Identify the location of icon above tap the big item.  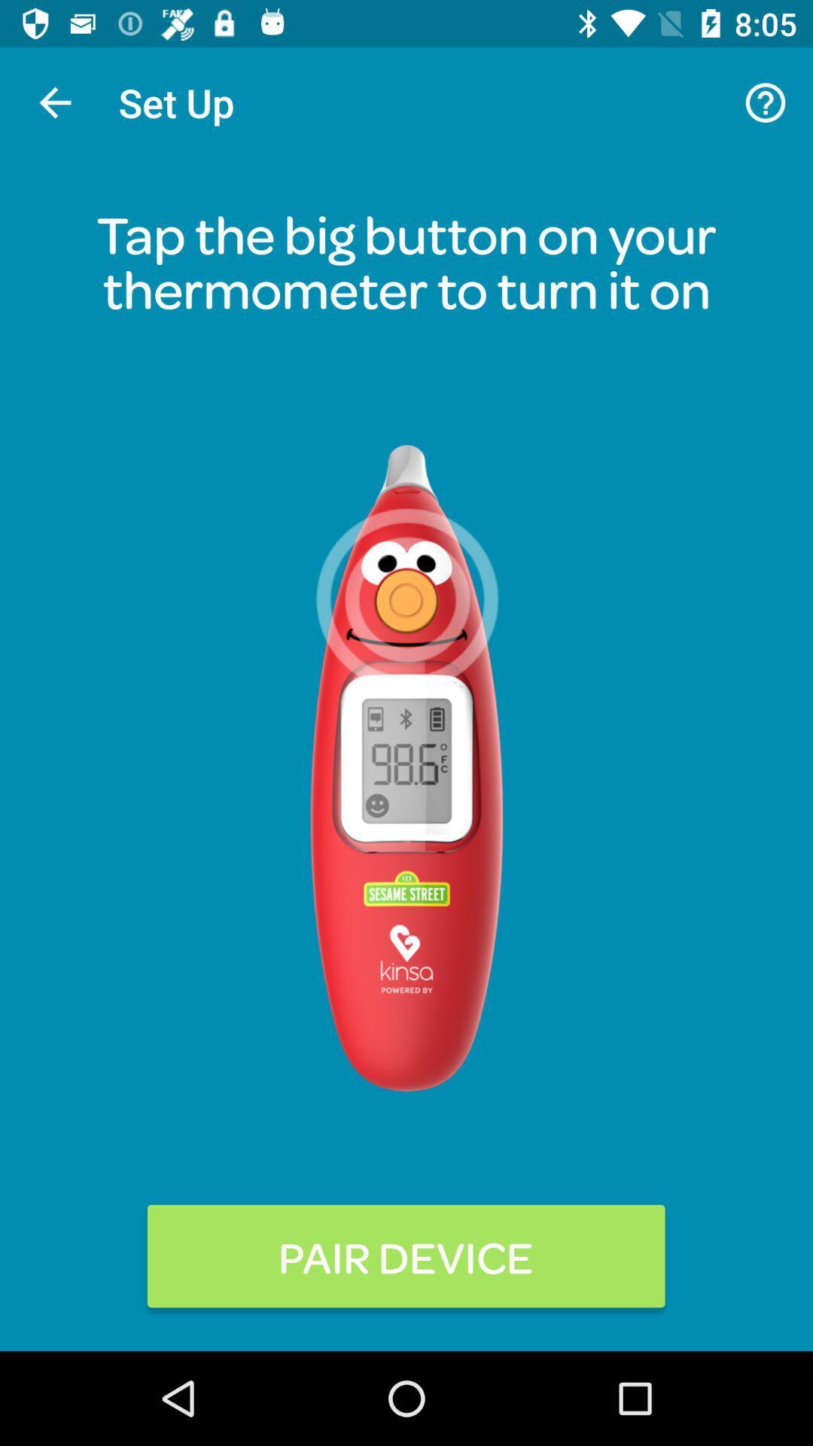
(54, 102).